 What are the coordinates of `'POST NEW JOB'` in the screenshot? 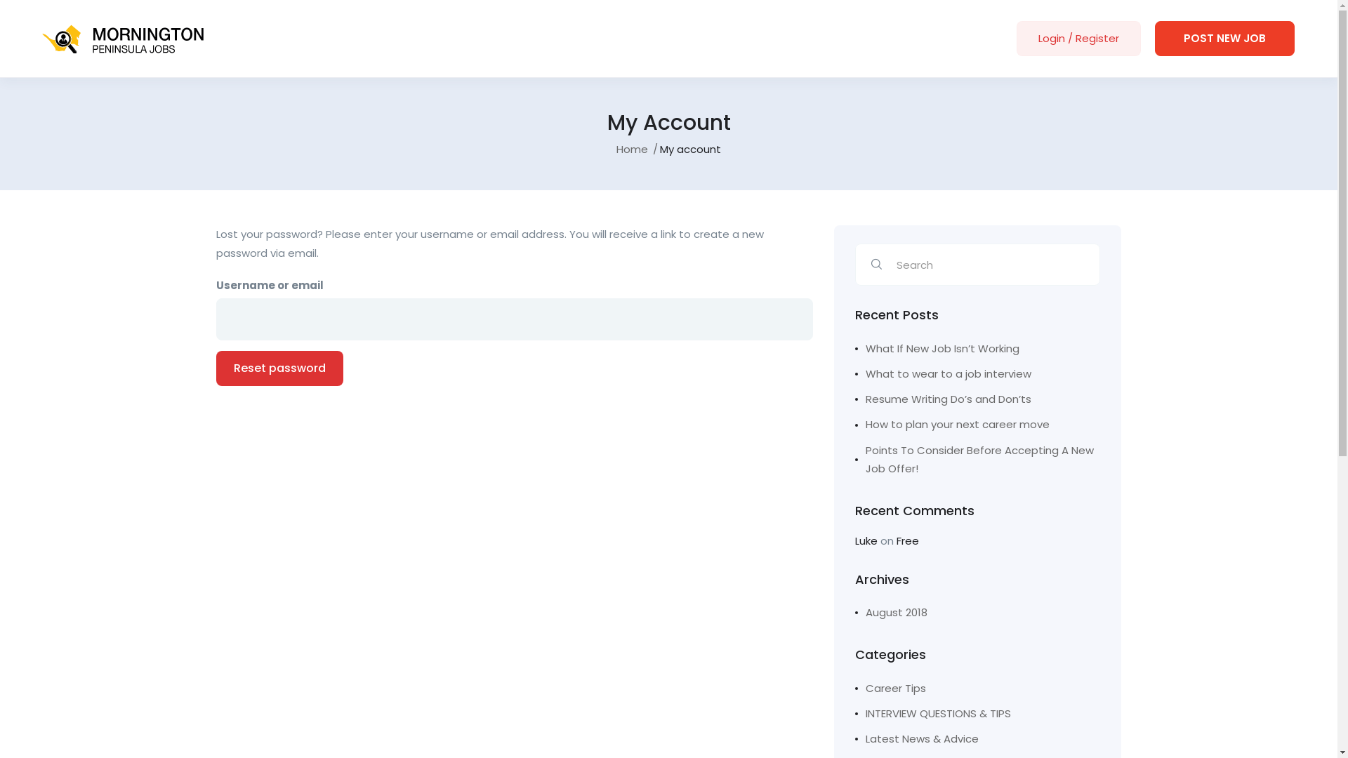 It's located at (1224, 37).